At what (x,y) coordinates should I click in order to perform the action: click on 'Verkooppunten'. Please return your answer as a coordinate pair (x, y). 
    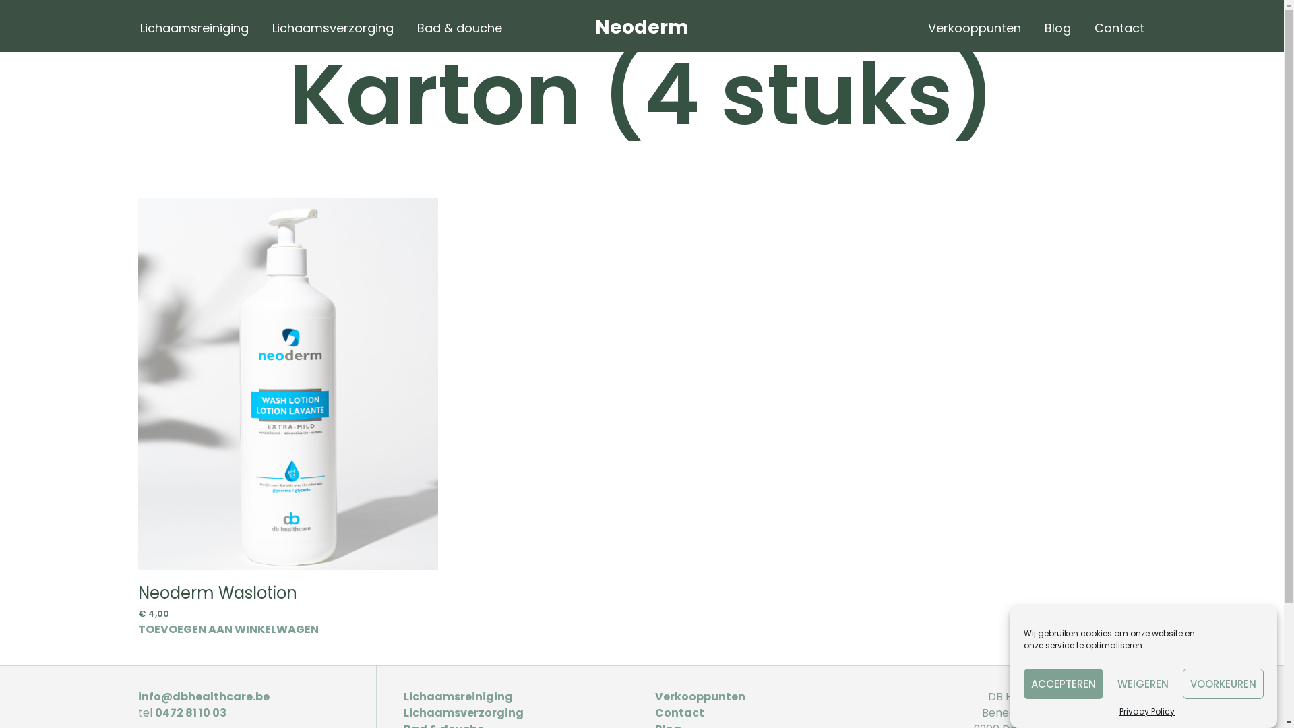
    Looking at the image, I should click on (700, 696).